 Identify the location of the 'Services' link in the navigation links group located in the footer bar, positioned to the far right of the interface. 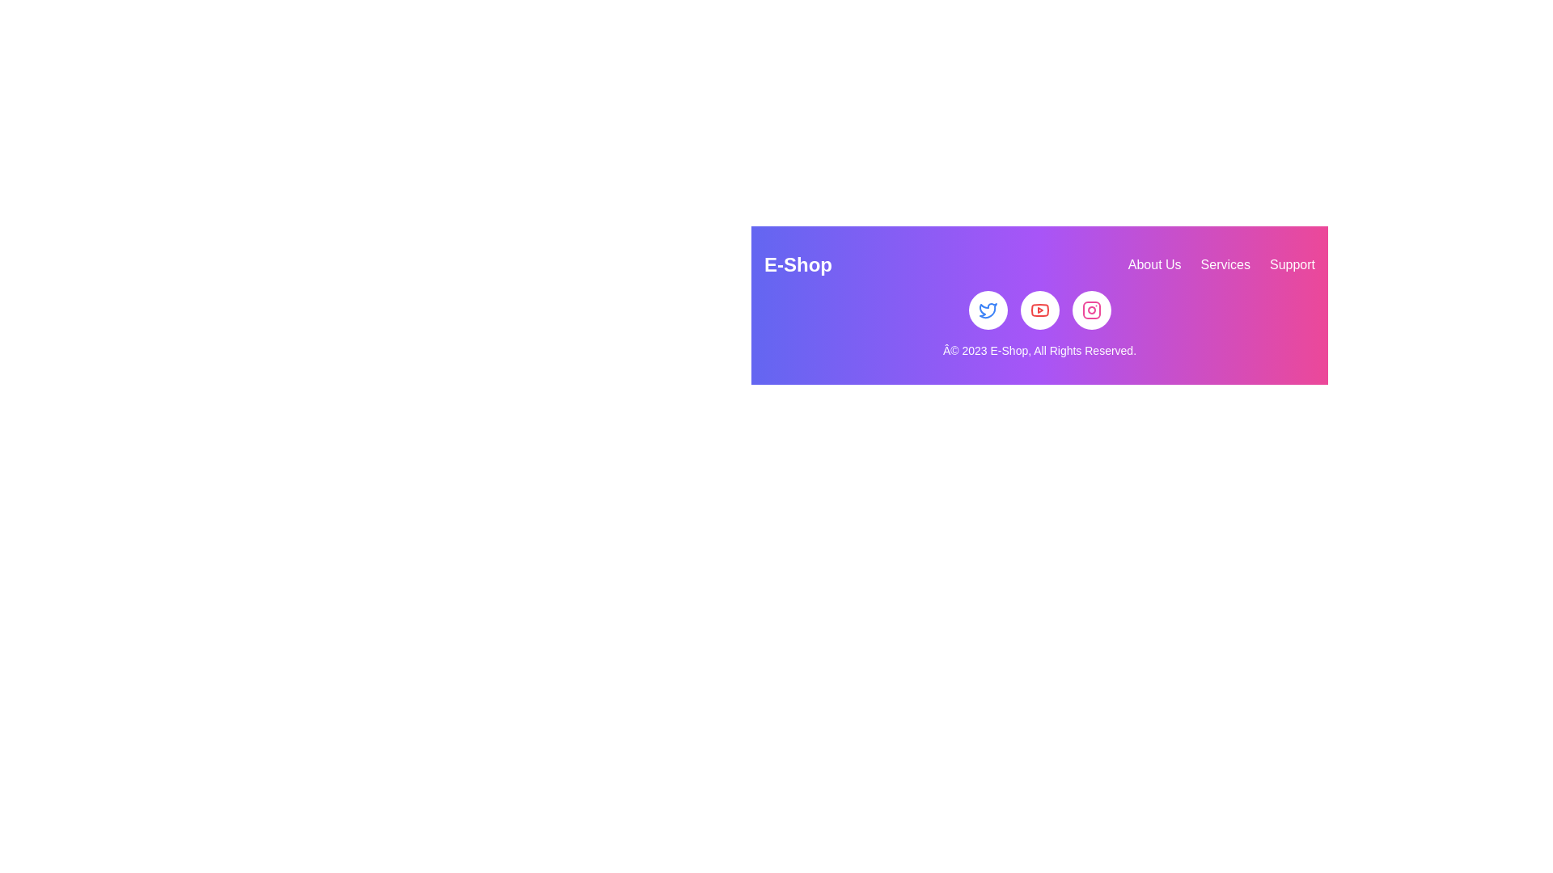
(1221, 264).